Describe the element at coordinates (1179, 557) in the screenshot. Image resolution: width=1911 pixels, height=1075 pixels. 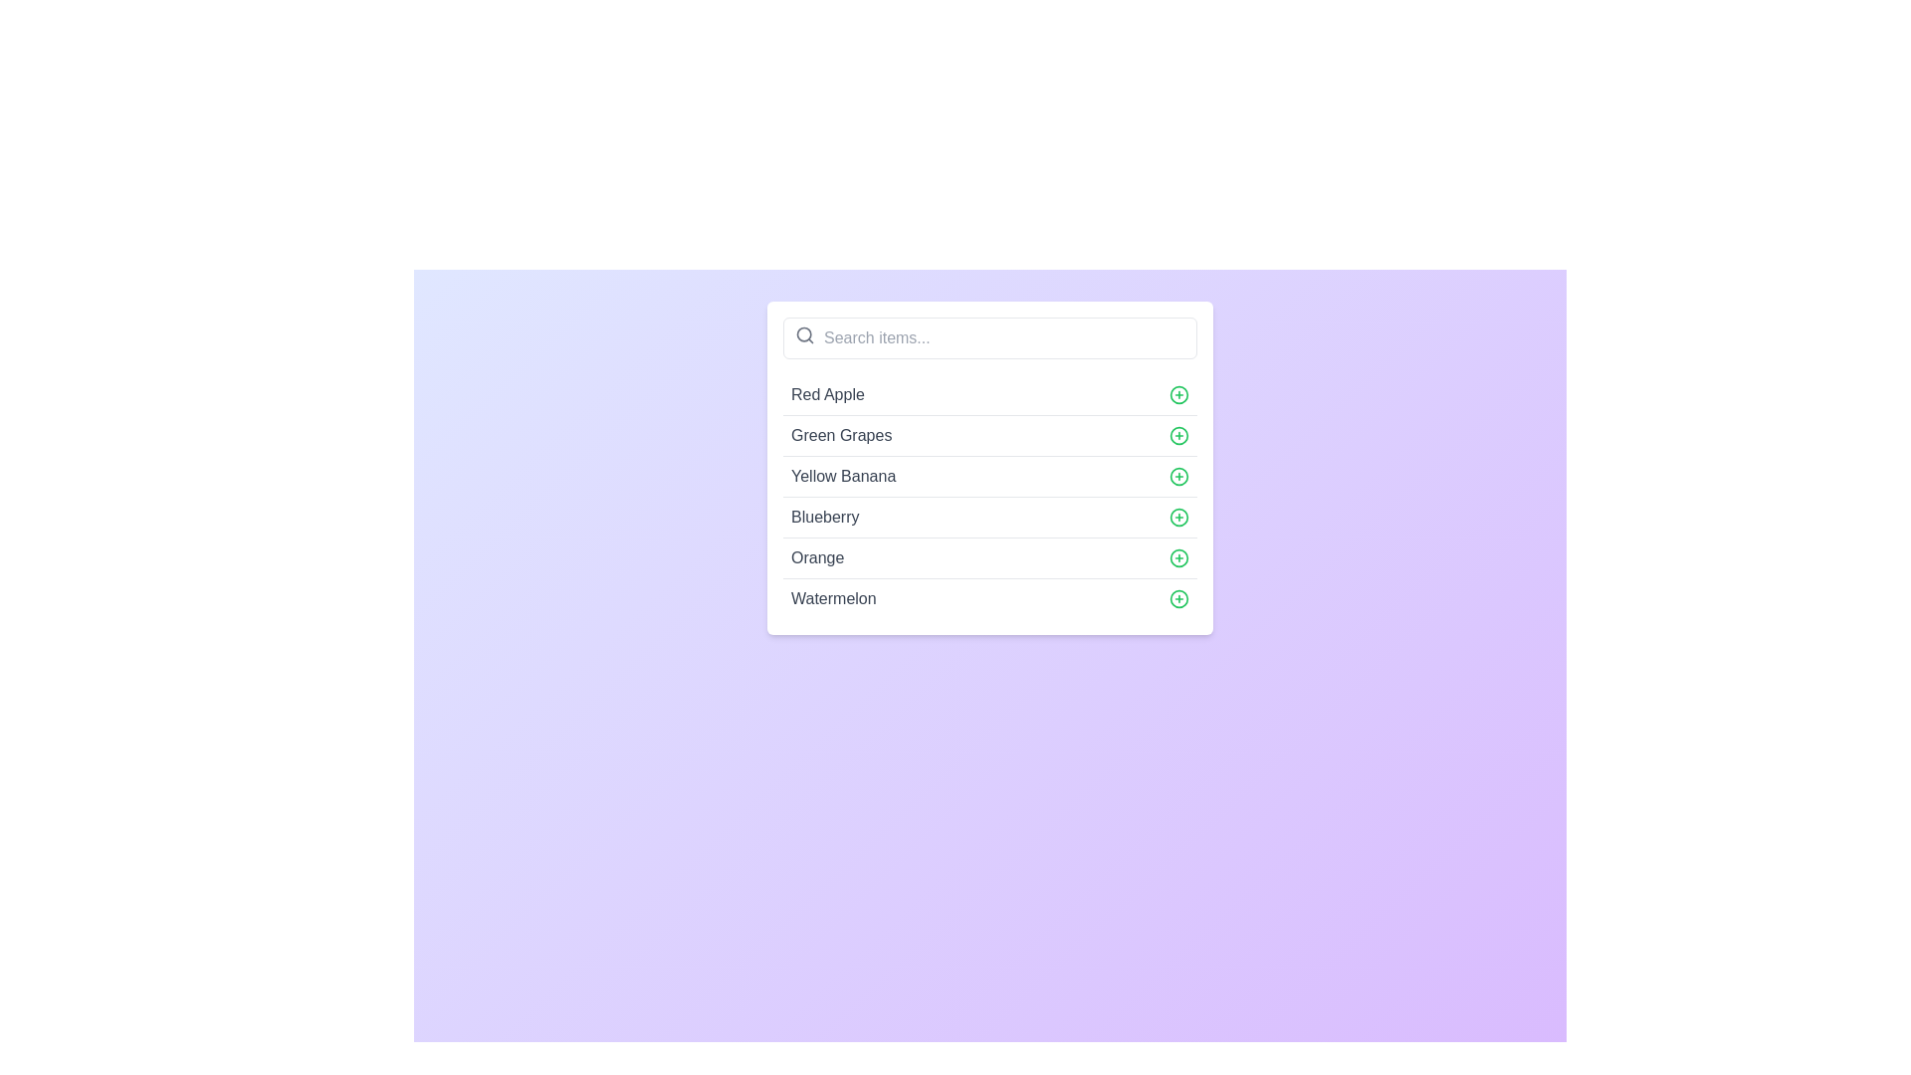
I see `the green circled plus icon button located in the fifth row of the item list next to the text 'Orange'` at that location.